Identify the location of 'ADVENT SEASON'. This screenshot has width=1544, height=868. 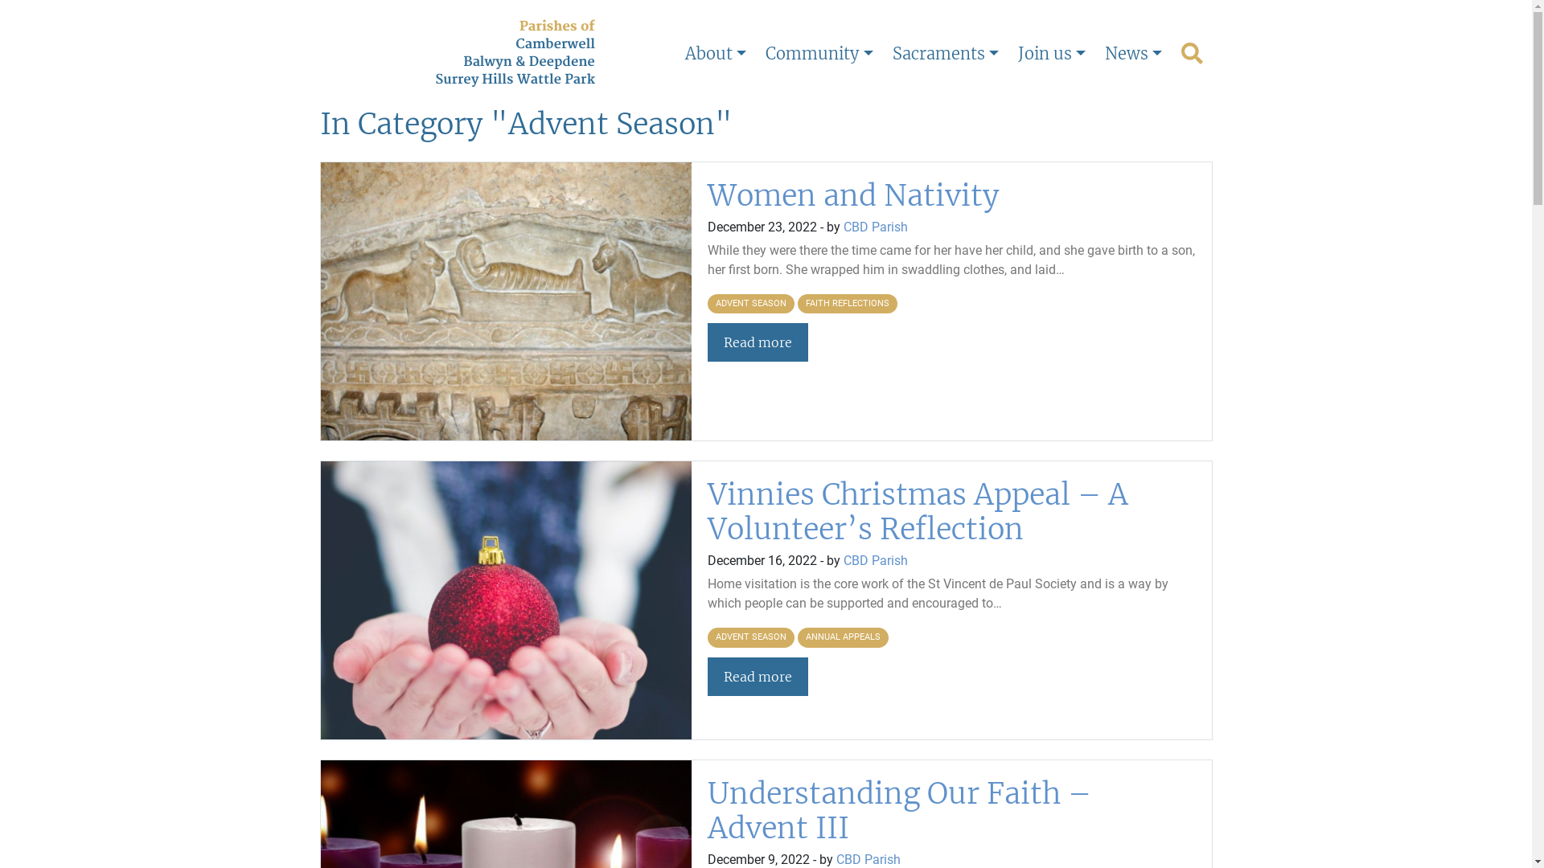
(750, 304).